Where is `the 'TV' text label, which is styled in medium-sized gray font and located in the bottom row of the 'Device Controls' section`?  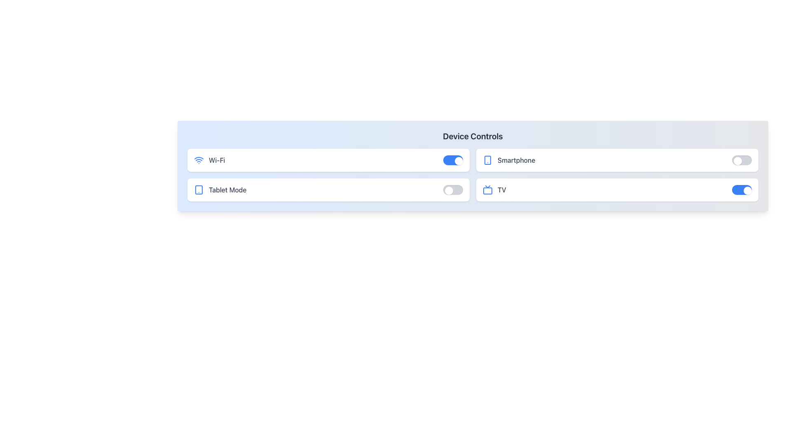
the 'TV' text label, which is styled in medium-sized gray font and located in the bottom row of the 'Device Controls' section is located at coordinates (501, 190).